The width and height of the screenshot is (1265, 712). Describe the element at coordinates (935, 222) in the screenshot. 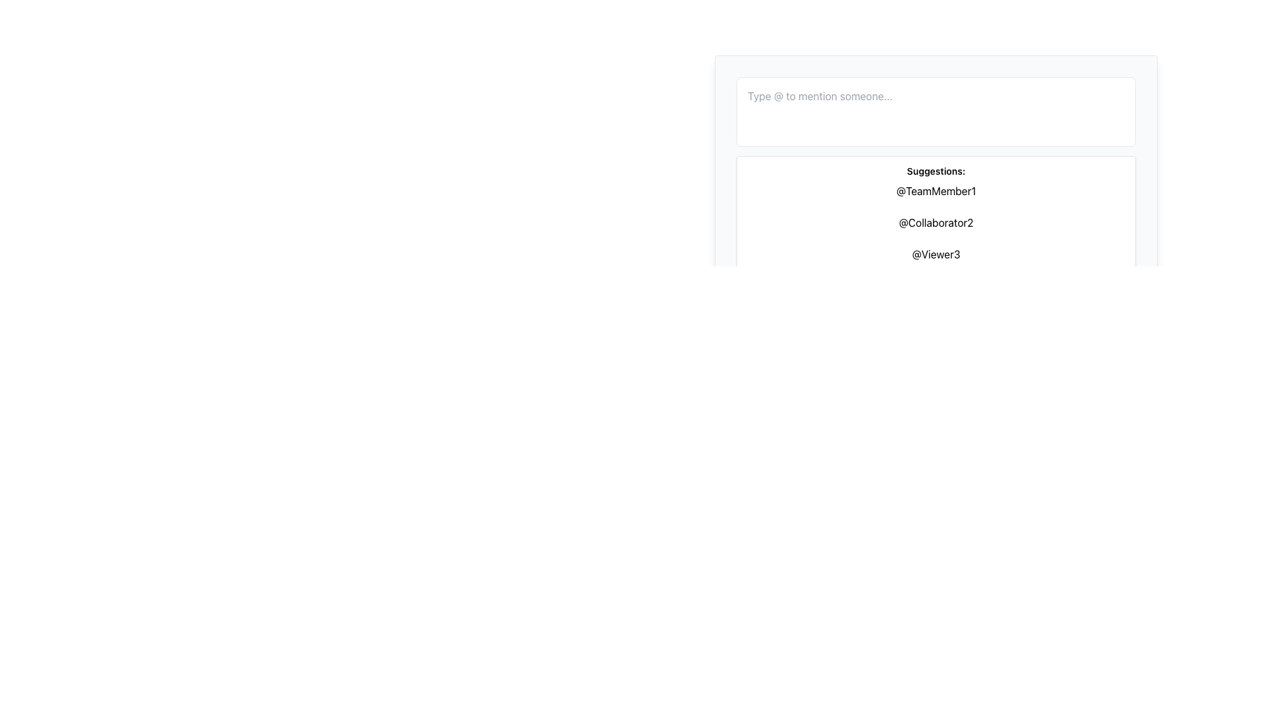

I see `the second item in the suggestion list` at that location.